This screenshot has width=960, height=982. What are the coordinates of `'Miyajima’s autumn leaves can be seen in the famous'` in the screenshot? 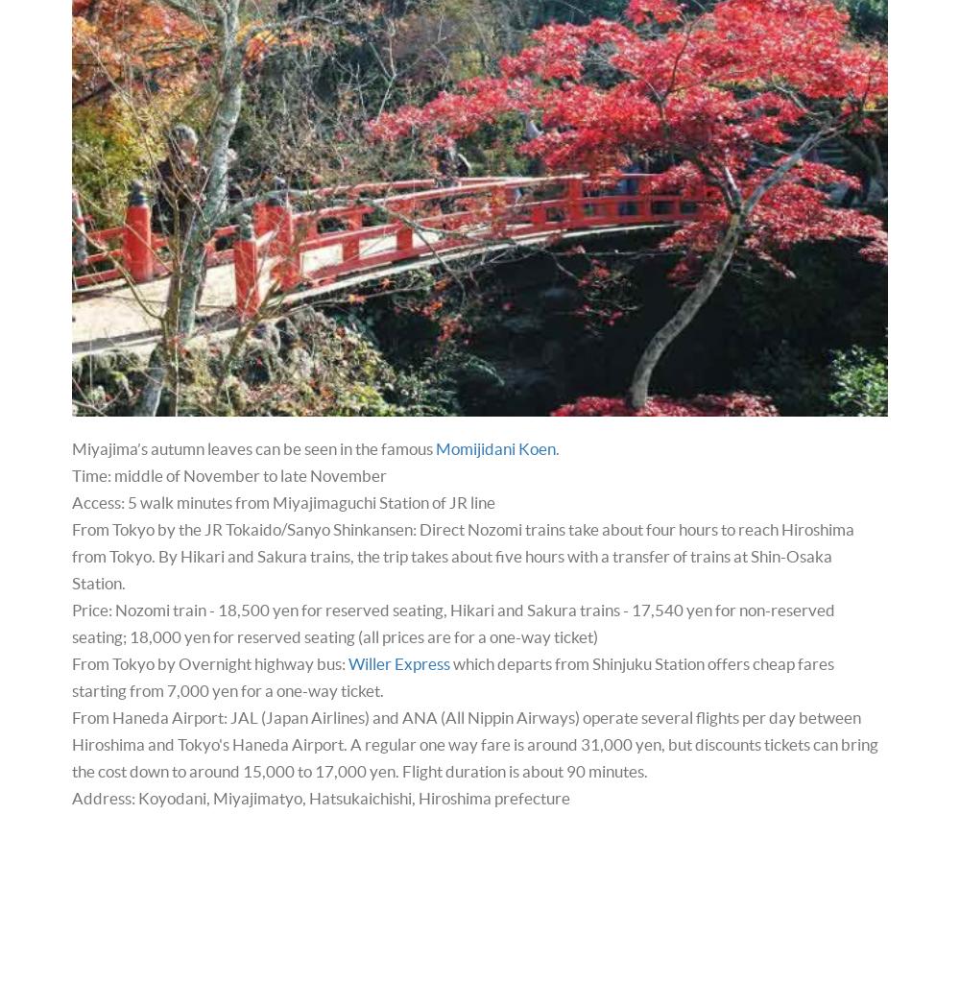 It's located at (253, 447).